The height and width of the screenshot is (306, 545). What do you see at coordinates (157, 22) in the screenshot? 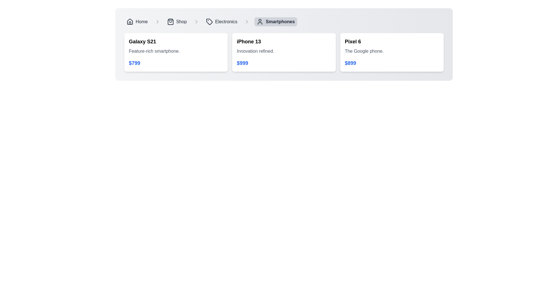
I see `the first chevron separator in the breadcrumb navigation bar, which visually represents a hierarchy between the 'Home' and 'Shop' labels` at bounding box center [157, 22].